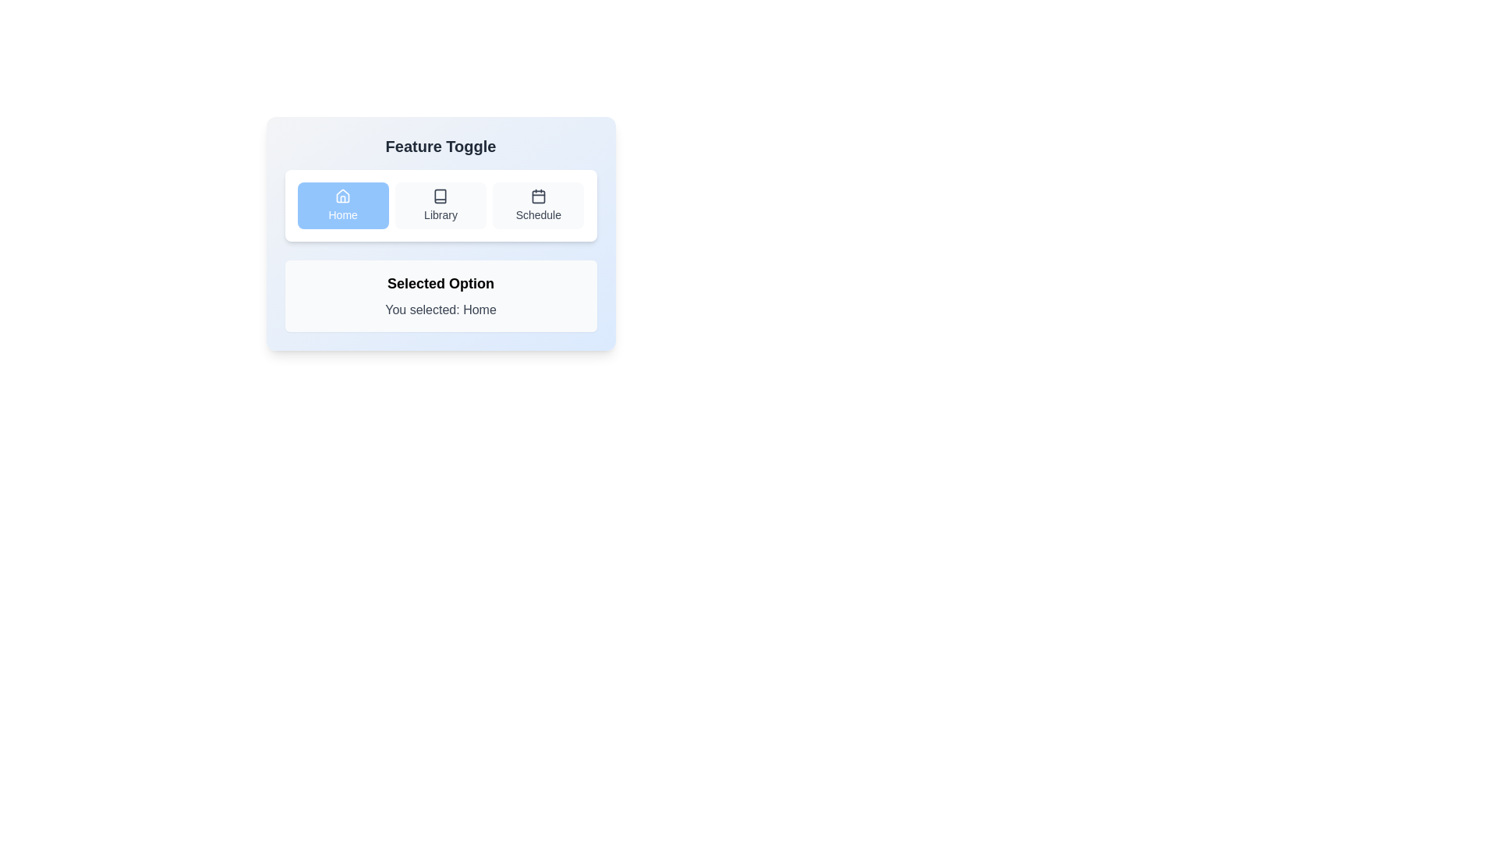 The height and width of the screenshot is (842, 1497). I want to click on the text label displaying 'Home', which is centered below an icon within a blue rectangular button at the top of the interface, so click(342, 215).